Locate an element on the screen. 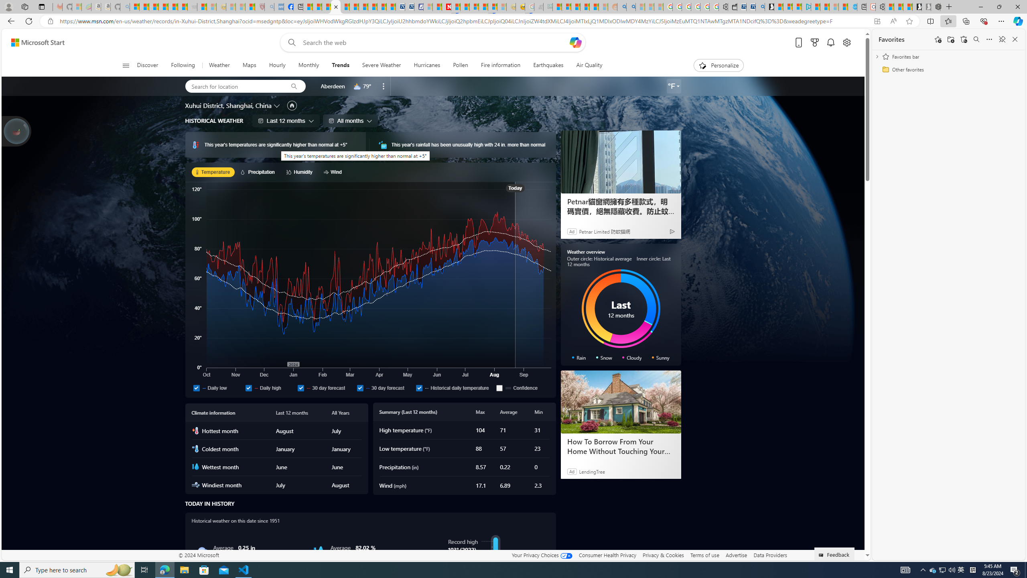 The image size is (1027, 578). 'Confidence' is located at coordinates (522, 387).